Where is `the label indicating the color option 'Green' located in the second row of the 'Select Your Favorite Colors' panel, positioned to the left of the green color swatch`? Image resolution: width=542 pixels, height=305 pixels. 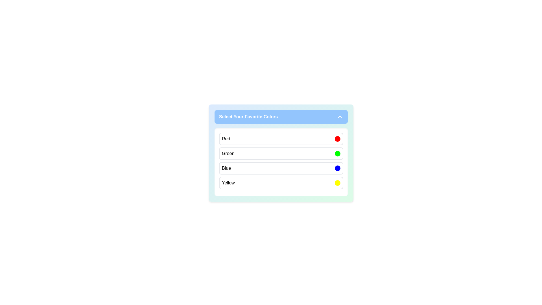
the label indicating the color option 'Green' located in the second row of the 'Select Your Favorite Colors' panel, positioned to the left of the green color swatch is located at coordinates (228, 153).